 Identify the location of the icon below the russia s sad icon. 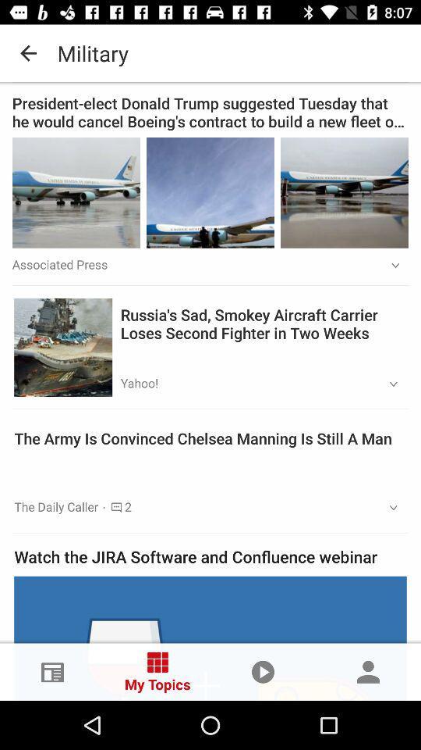
(387, 384).